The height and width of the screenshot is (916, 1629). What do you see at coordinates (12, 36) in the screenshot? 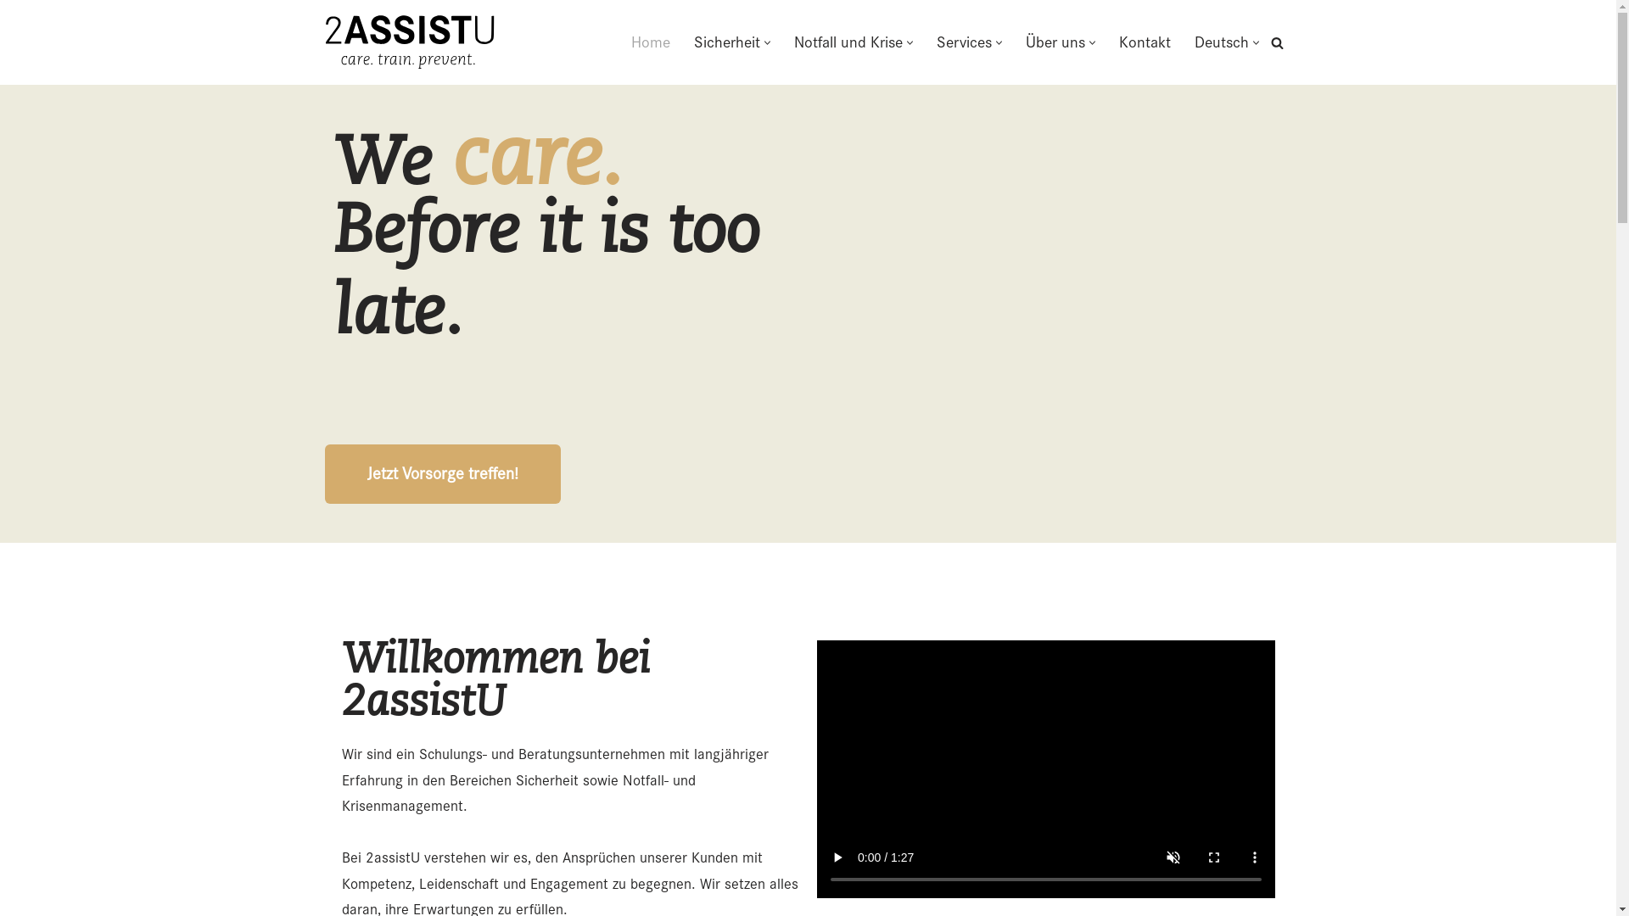
I see `'Zum Inhalt springen'` at bounding box center [12, 36].